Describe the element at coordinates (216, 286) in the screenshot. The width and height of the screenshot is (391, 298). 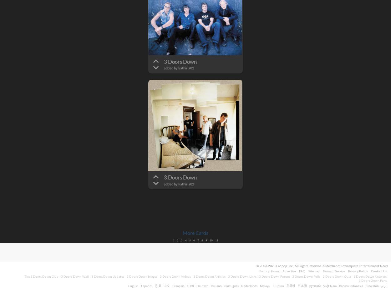
I see `'Italiano'` at that location.